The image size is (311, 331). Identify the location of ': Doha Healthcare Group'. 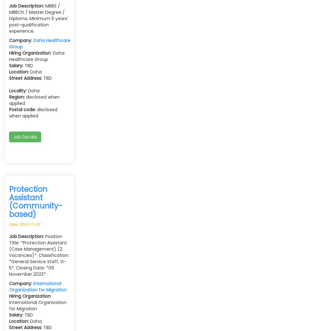
(9, 56).